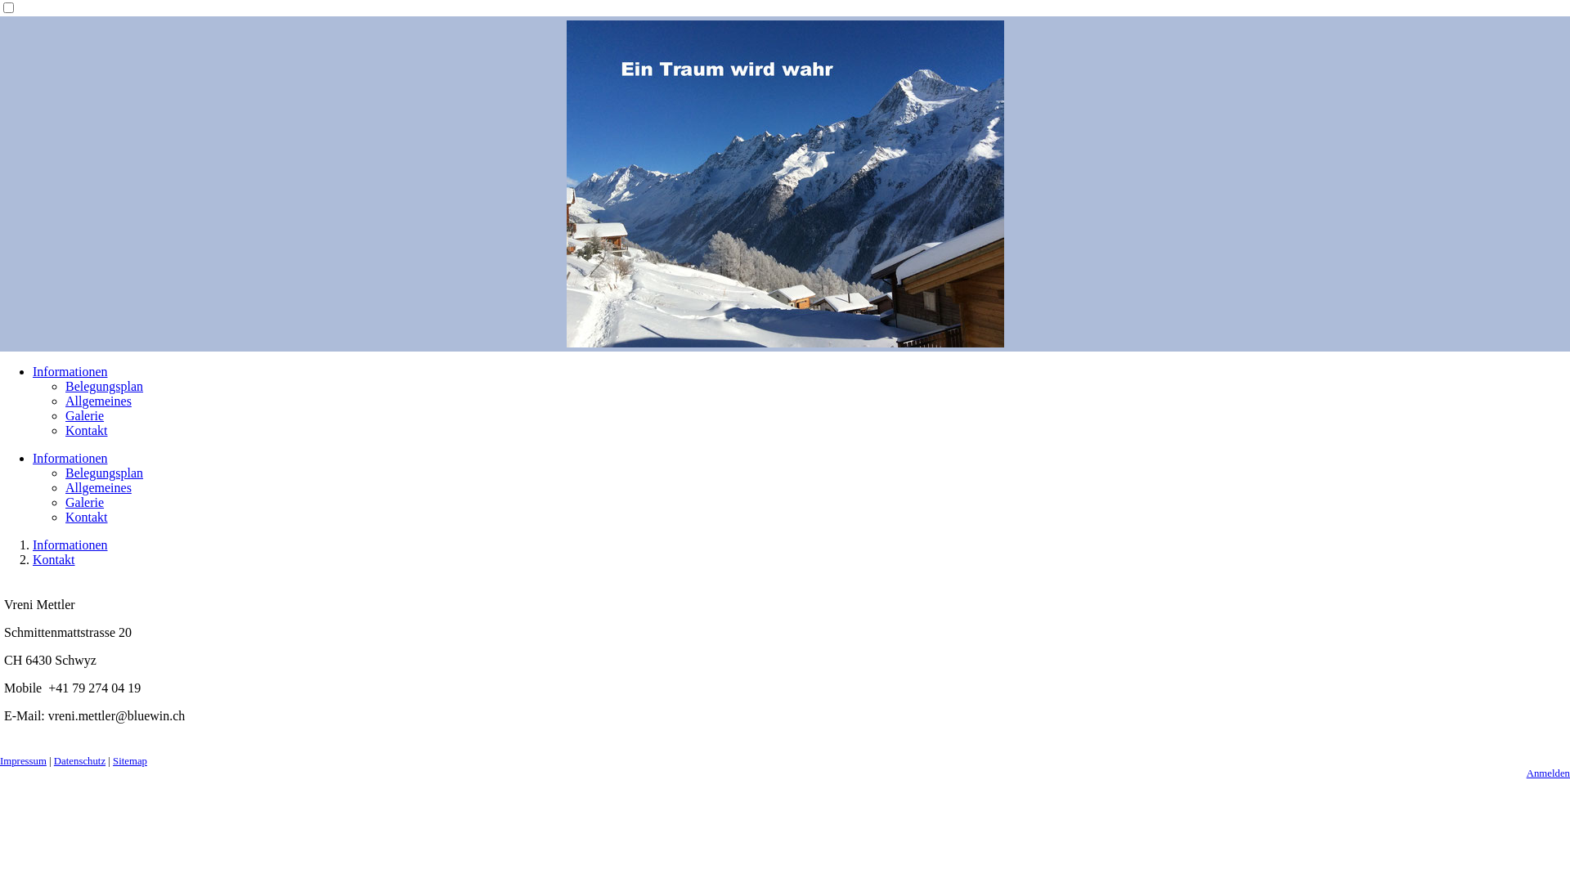  What do you see at coordinates (97, 401) in the screenshot?
I see `'Allgemeines'` at bounding box center [97, 401].